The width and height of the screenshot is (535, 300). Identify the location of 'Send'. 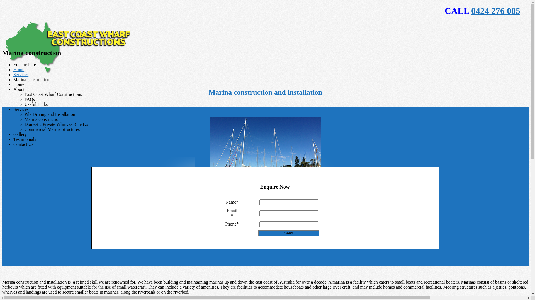
(258, 233).